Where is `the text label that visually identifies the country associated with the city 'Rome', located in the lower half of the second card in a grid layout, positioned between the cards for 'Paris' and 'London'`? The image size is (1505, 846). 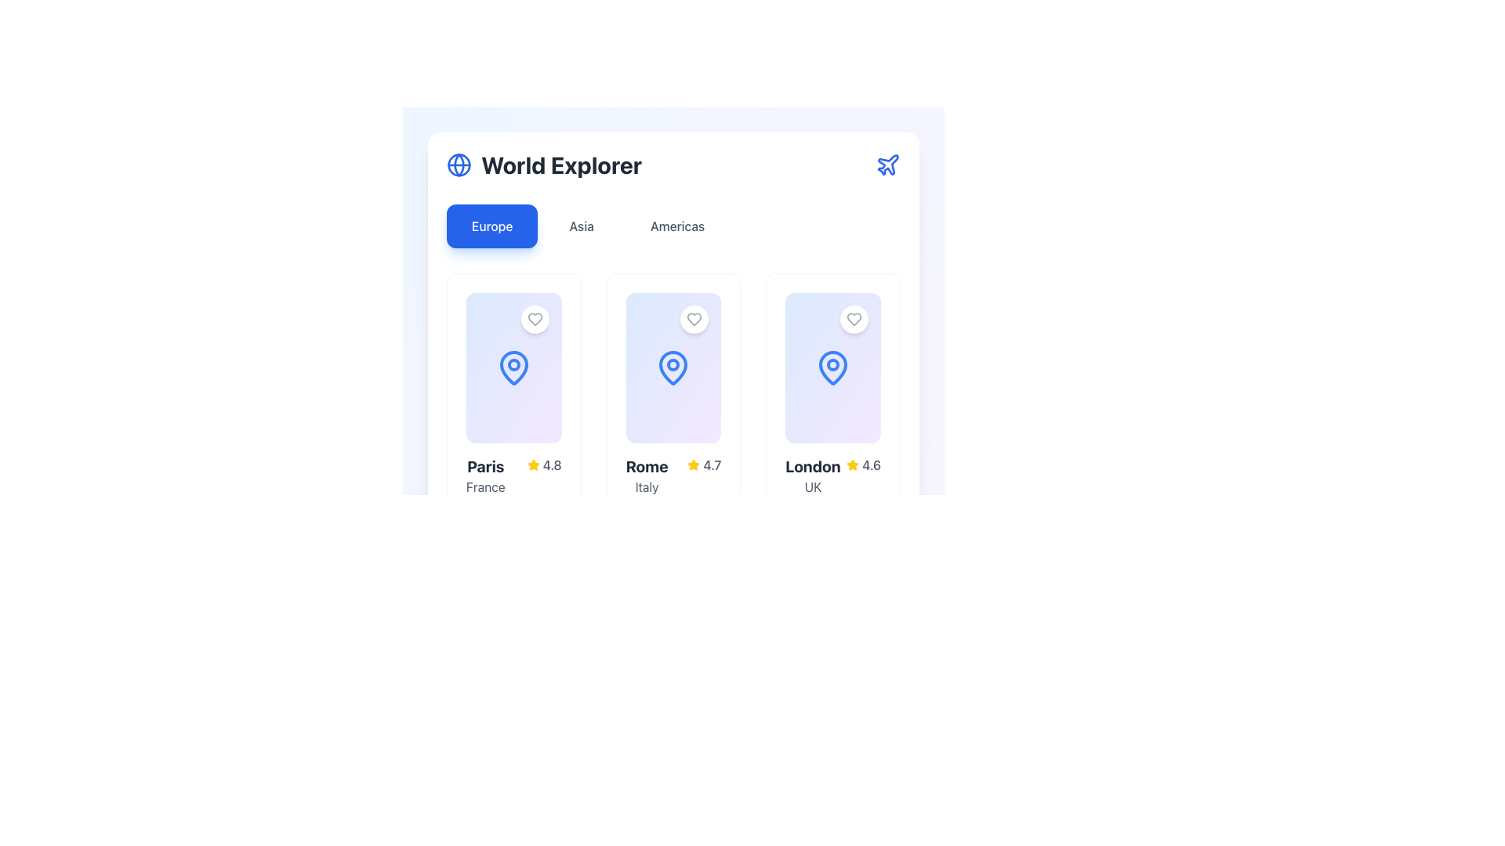 the text label that visually identifies the country associated with the city 'Rome', located in the lower half of the second card in a grid layout, positioned between the cards for 'Paris' and 'London' is located at coordinates (647, 486).